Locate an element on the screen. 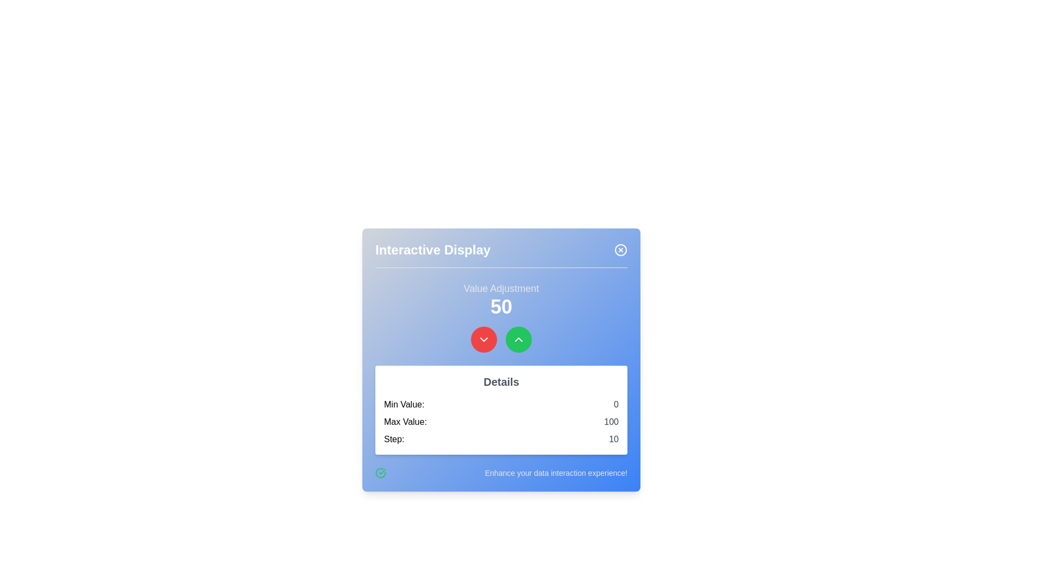 The height and width of the screenshot is (586, 1043). text located at the bottom of the 'Interactive Display' card, next to the green circle checkmark icon is located at coordinates (500, 472).